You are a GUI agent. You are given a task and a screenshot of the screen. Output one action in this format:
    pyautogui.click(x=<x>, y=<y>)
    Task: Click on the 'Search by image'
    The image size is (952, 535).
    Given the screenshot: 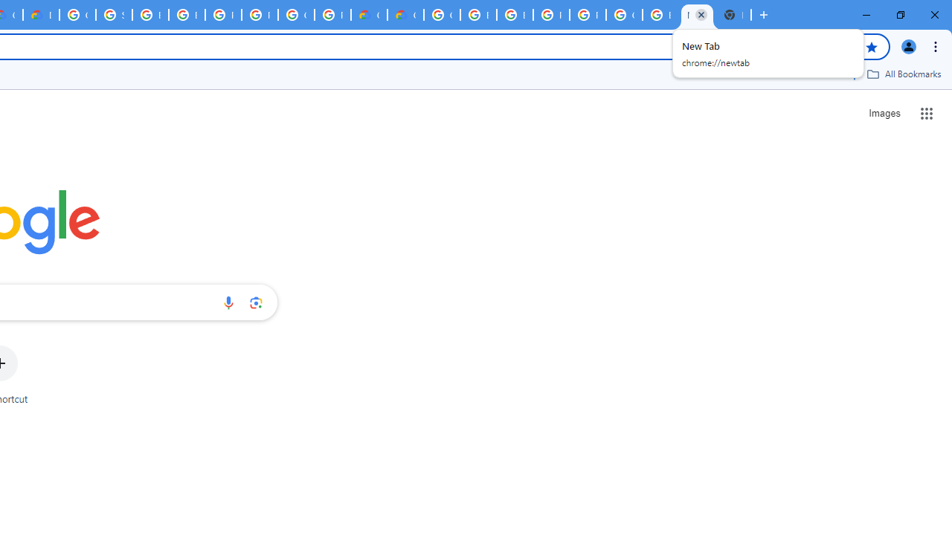 What is the action you would take?
    pyautogui.click(x=256, y=302)
    